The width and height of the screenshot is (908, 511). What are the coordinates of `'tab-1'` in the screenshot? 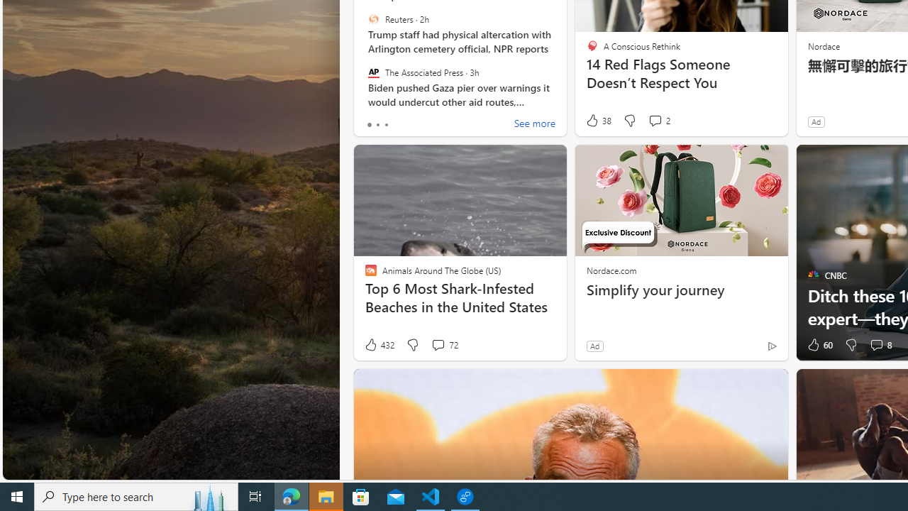 It's located at (377, 124).